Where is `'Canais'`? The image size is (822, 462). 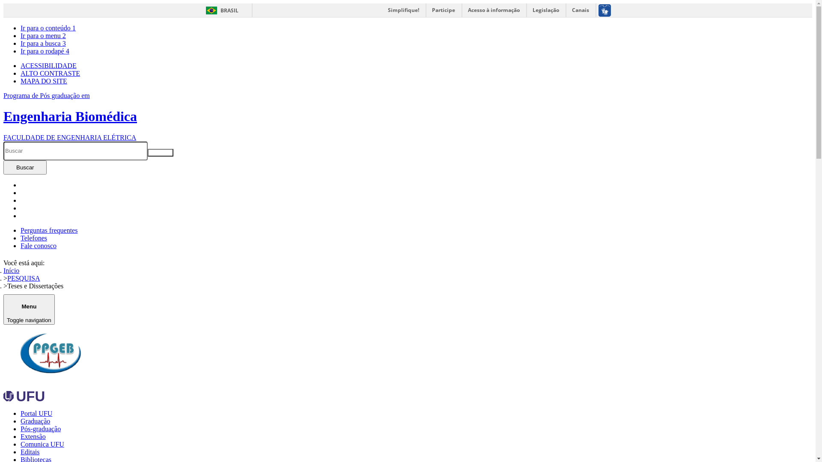
'Canais' is located at coordinates (566, 10).